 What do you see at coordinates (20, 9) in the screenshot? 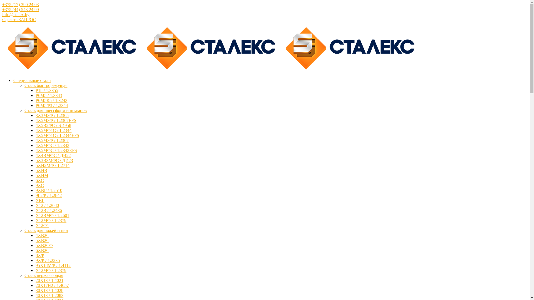
I see `'+375 (44) 543 24 99'` at bounding box center [20, 9].